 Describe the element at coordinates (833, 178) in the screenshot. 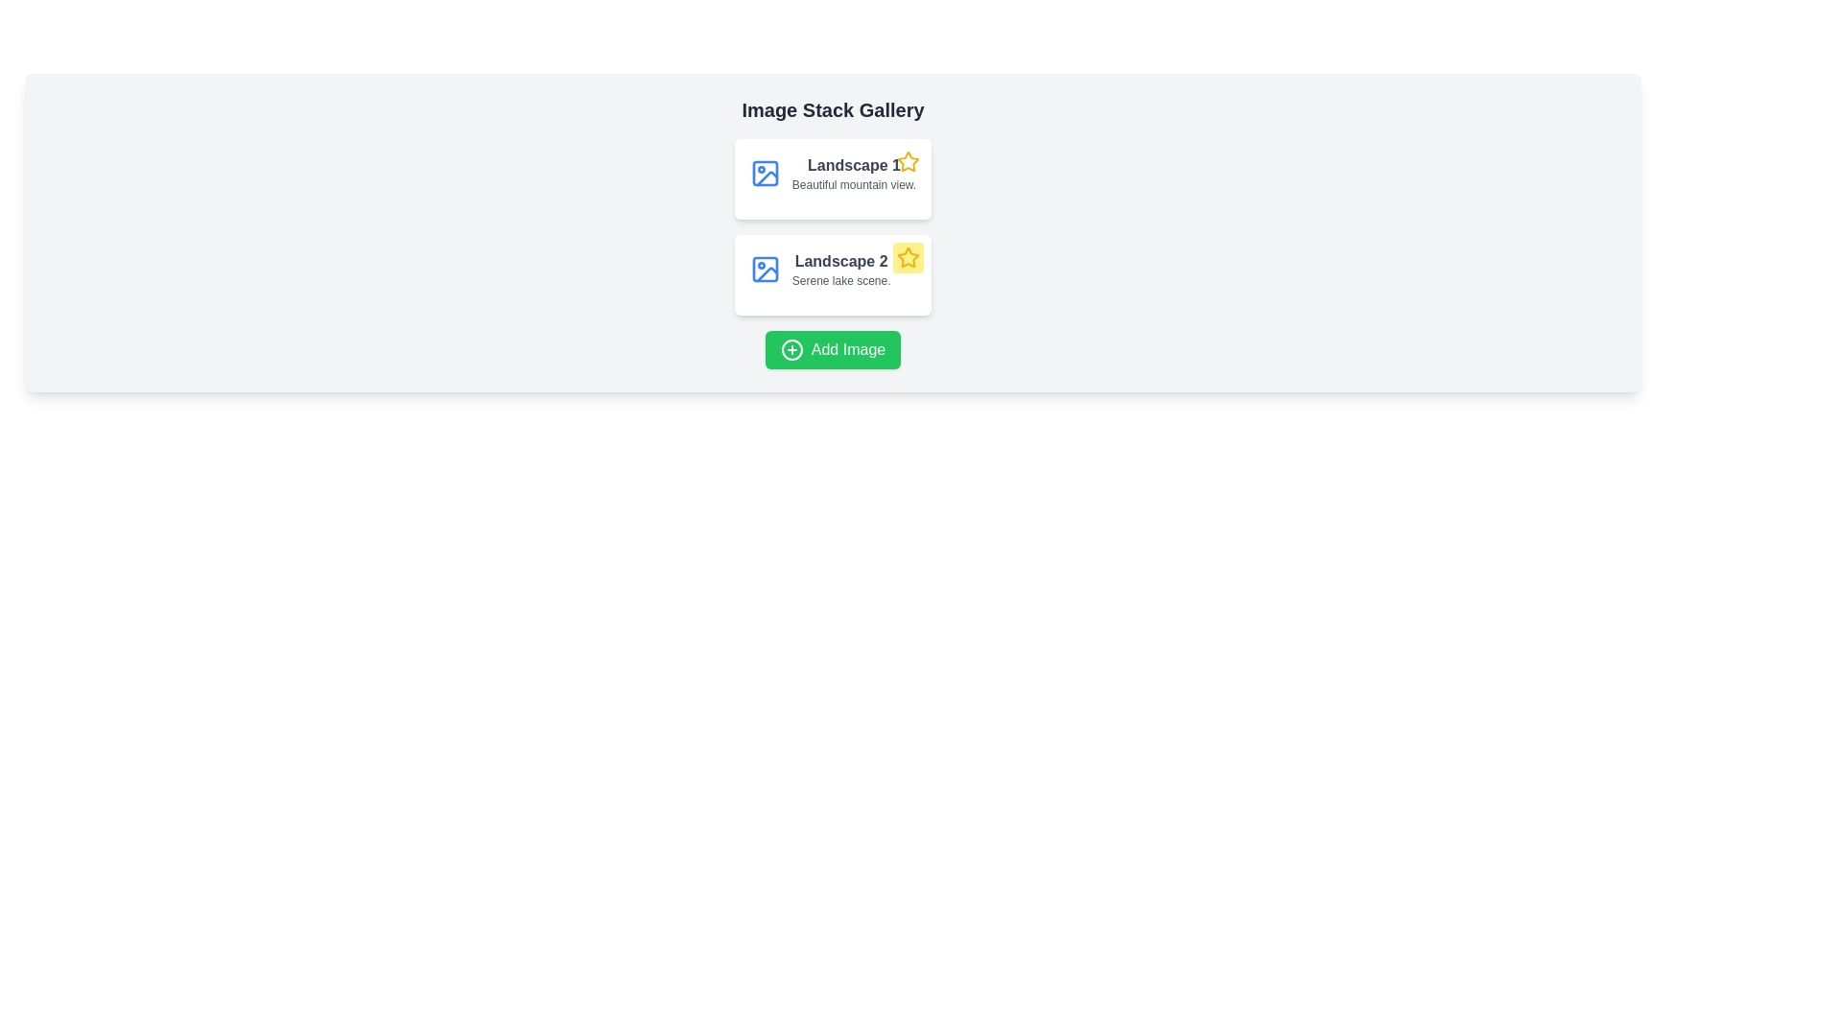

I see `the first card in the vertical stack that represents an item entry in a gallery` at that location.